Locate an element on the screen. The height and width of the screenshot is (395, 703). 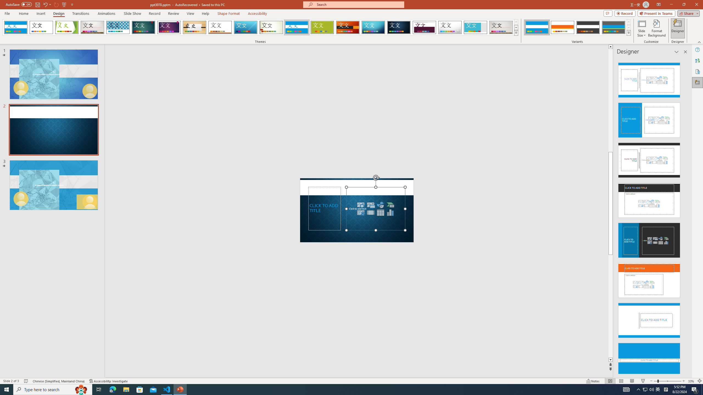
'Insert Chart' is located at coordinates (390, 212).